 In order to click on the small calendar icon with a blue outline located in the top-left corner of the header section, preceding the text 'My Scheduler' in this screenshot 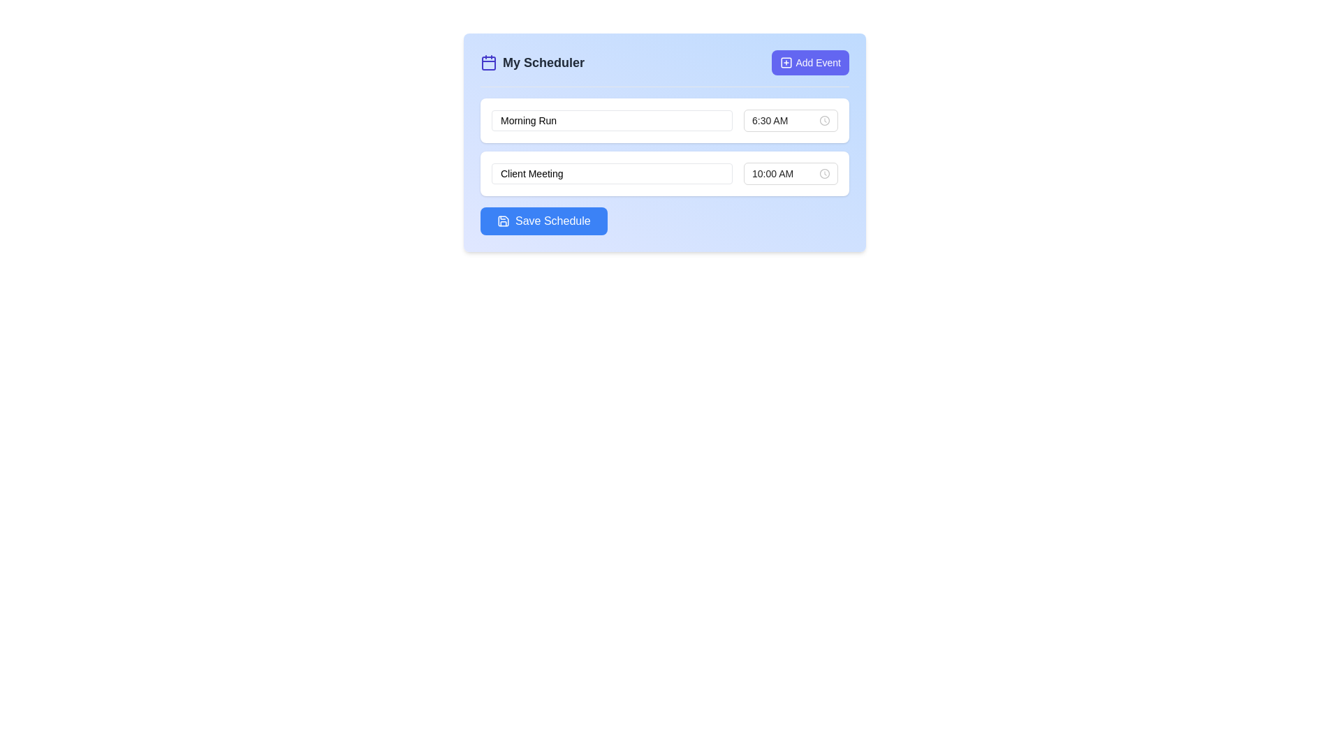, I will do `click(489, 61)`.